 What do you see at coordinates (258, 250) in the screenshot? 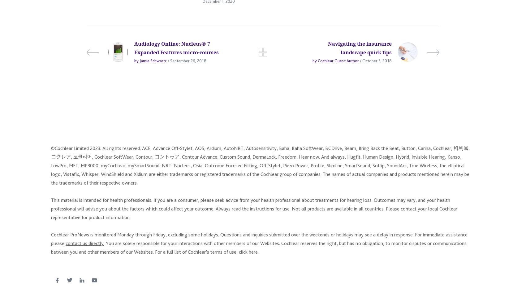
I see `'. You are solely responsible for your interactions with other members of our Websites. Cochlear reserves the right, but has no obligation, to monitor disputes or communications between you and other members of our Websites. For a full list of Cochlear’s terms of use,'` at bounding box center [258, 250].